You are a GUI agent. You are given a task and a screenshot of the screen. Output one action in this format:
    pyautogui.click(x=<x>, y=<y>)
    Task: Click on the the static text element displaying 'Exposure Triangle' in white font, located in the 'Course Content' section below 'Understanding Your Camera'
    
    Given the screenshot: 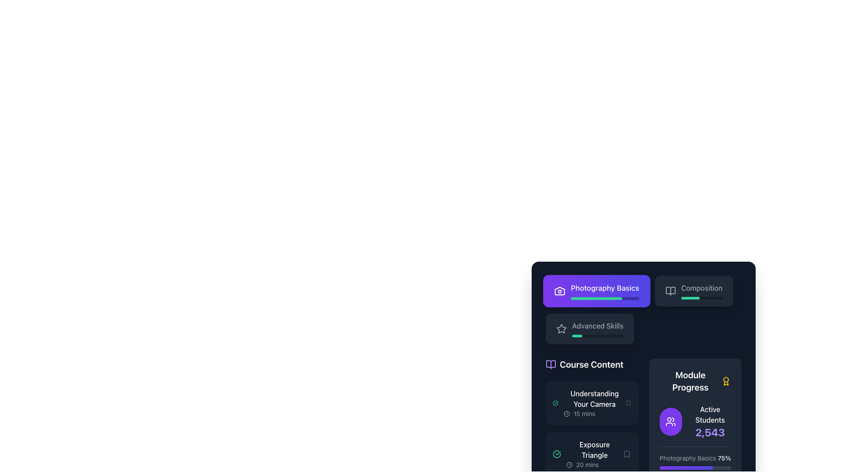 What is the action you would take?
    pyautogui.click(x=595, y=449)
    